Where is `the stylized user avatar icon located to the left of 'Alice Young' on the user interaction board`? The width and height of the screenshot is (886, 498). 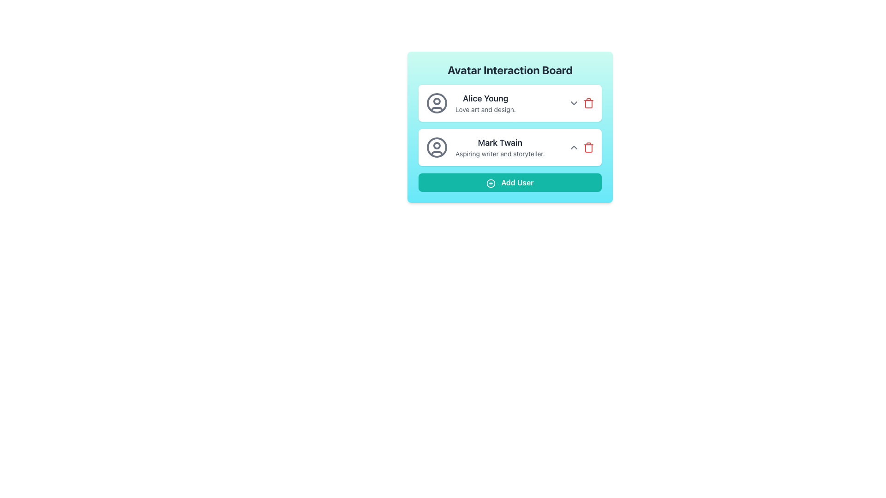 the stylized user avatar icon located to the left of 'Alice Young' on the user interaction board is located at coordinates (436, 103).